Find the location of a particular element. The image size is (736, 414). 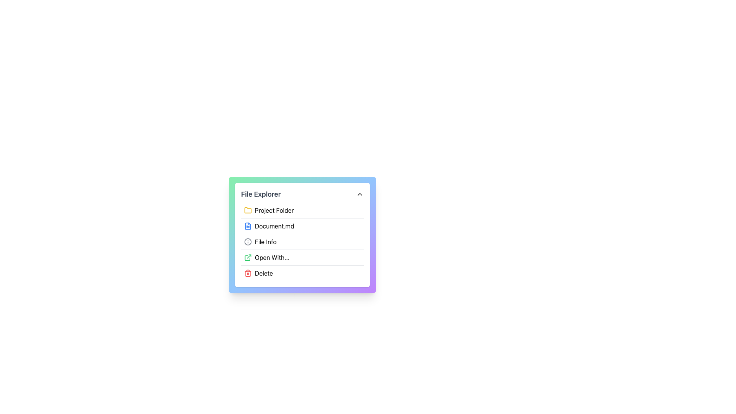

the 'Project Folder' text label is located at coordinates (274, 210).